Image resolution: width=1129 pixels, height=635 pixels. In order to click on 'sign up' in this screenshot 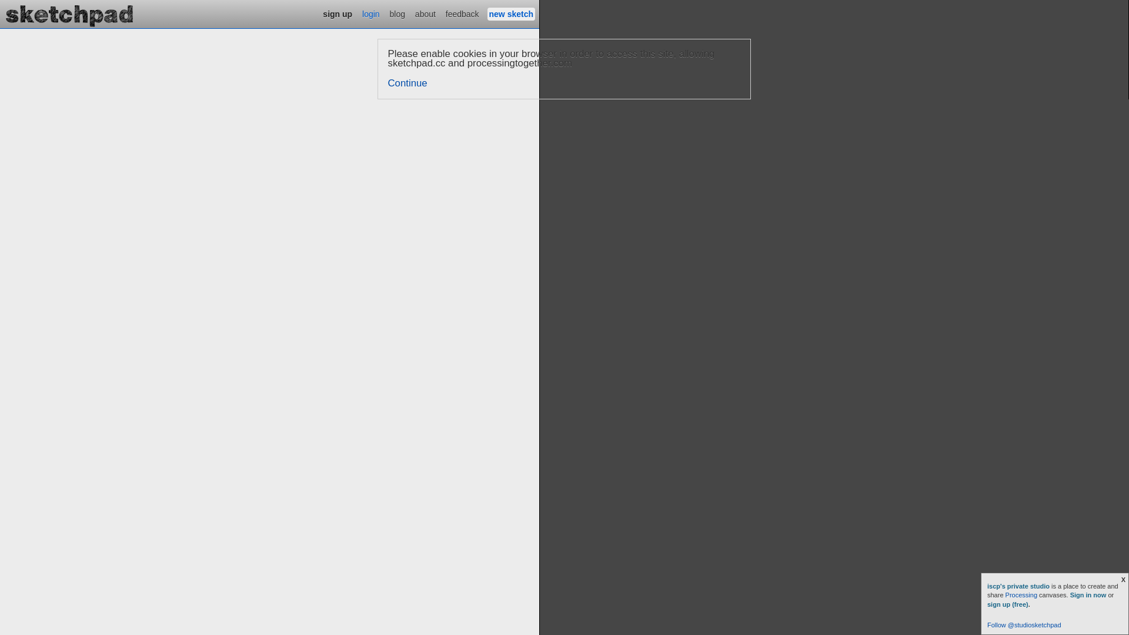, I will do `click(337, 14)`.